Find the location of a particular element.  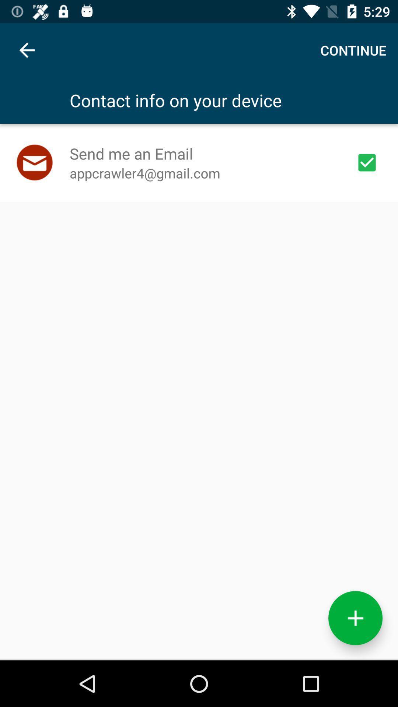

item to the left of the continue icon is located at coordinates (27, 50).